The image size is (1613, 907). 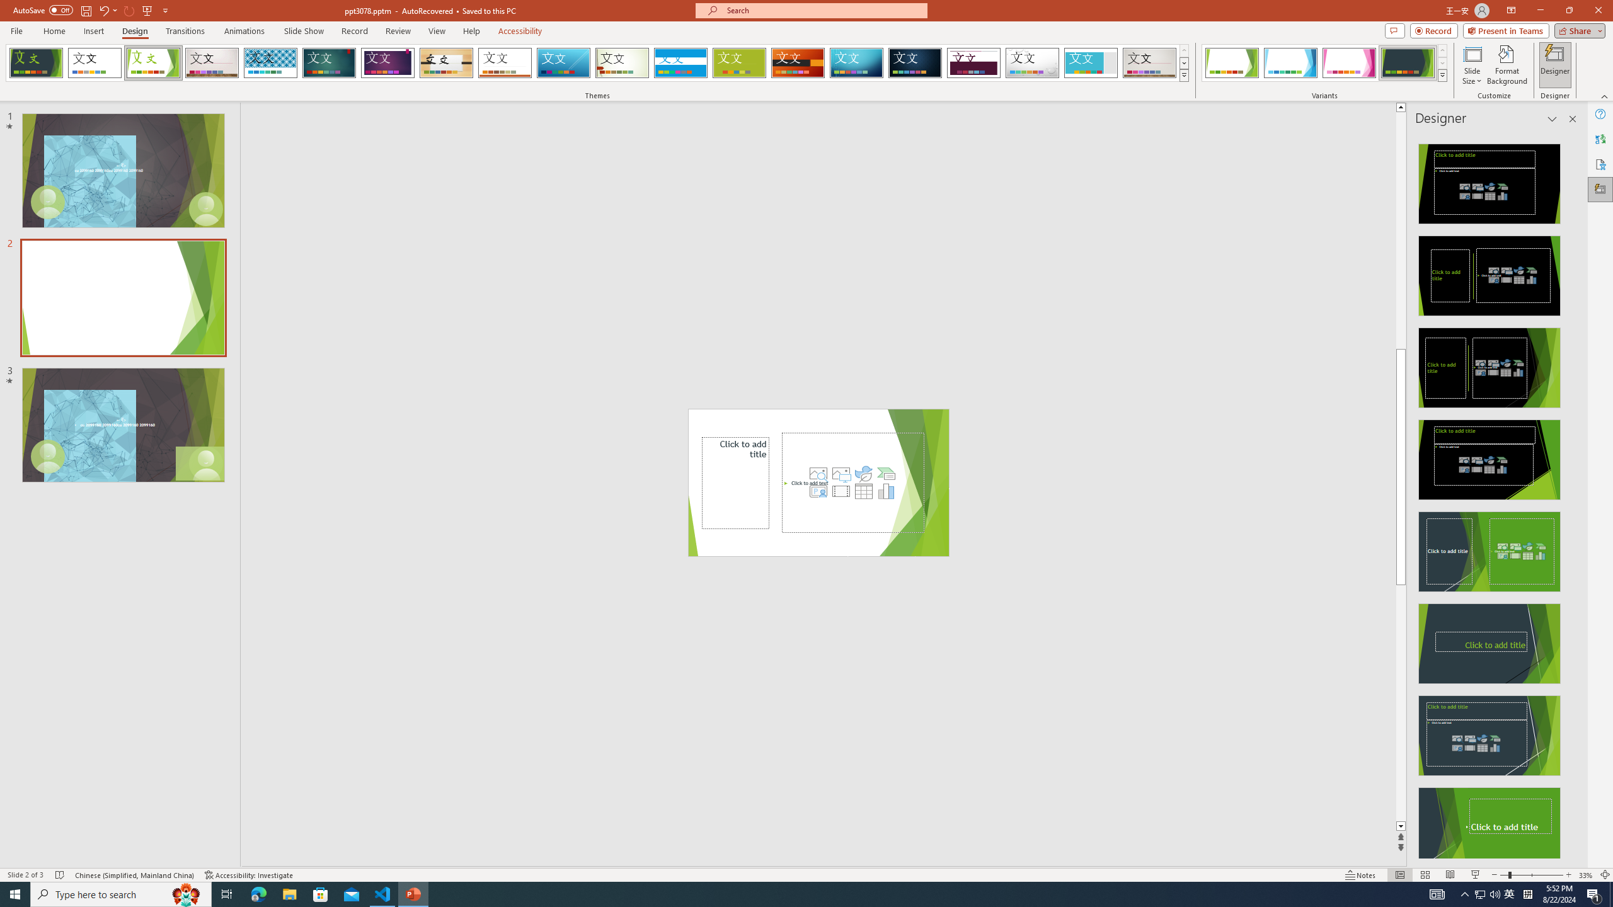 What do you see at coordinates (270, 62) in the screenshot?
I see `'Integral'` at bounding box center [270, 62].